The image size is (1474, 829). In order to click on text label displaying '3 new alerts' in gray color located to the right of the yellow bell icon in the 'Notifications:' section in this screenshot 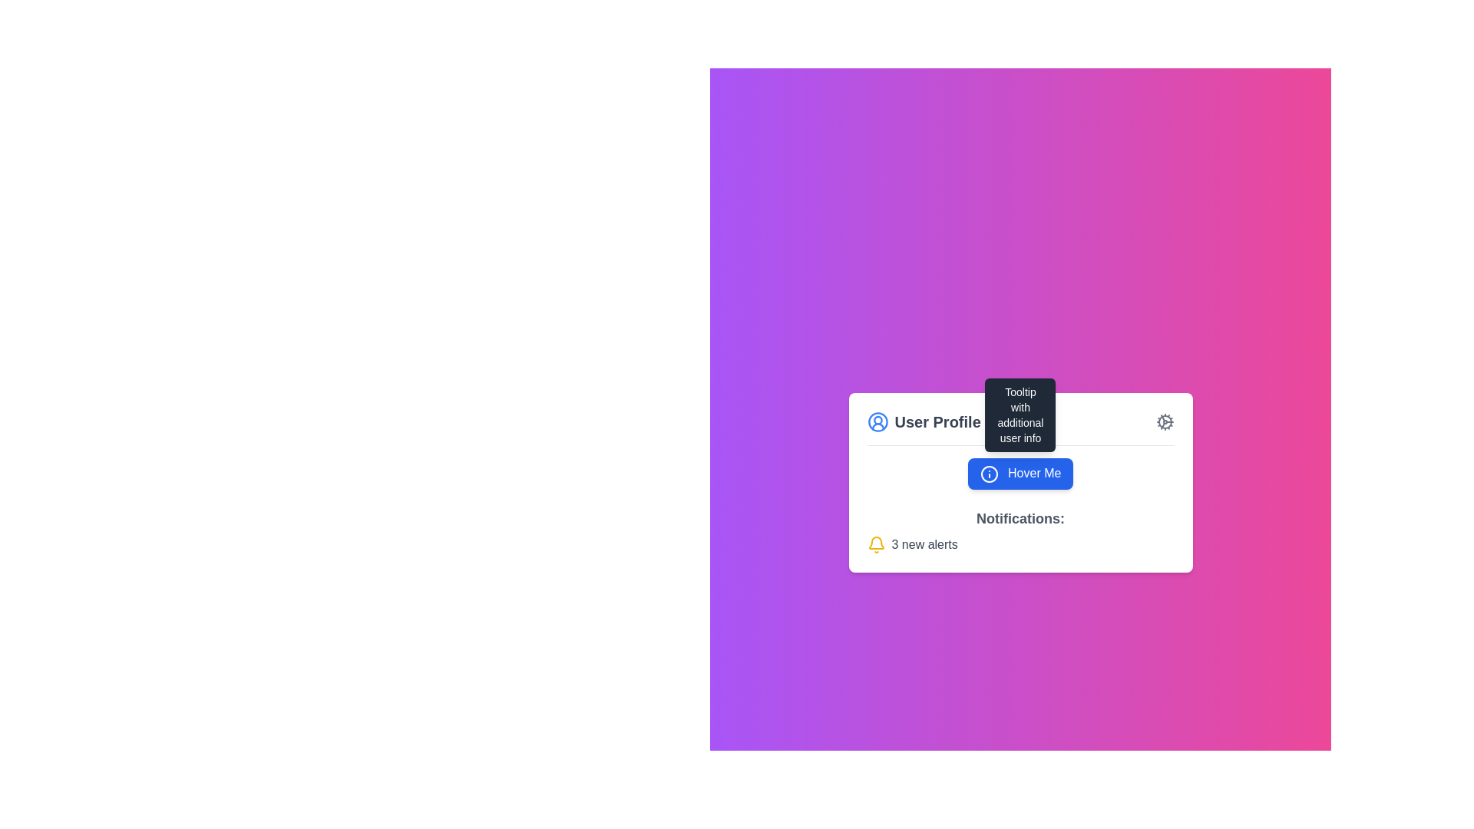, I will do `click(924, 543)`.